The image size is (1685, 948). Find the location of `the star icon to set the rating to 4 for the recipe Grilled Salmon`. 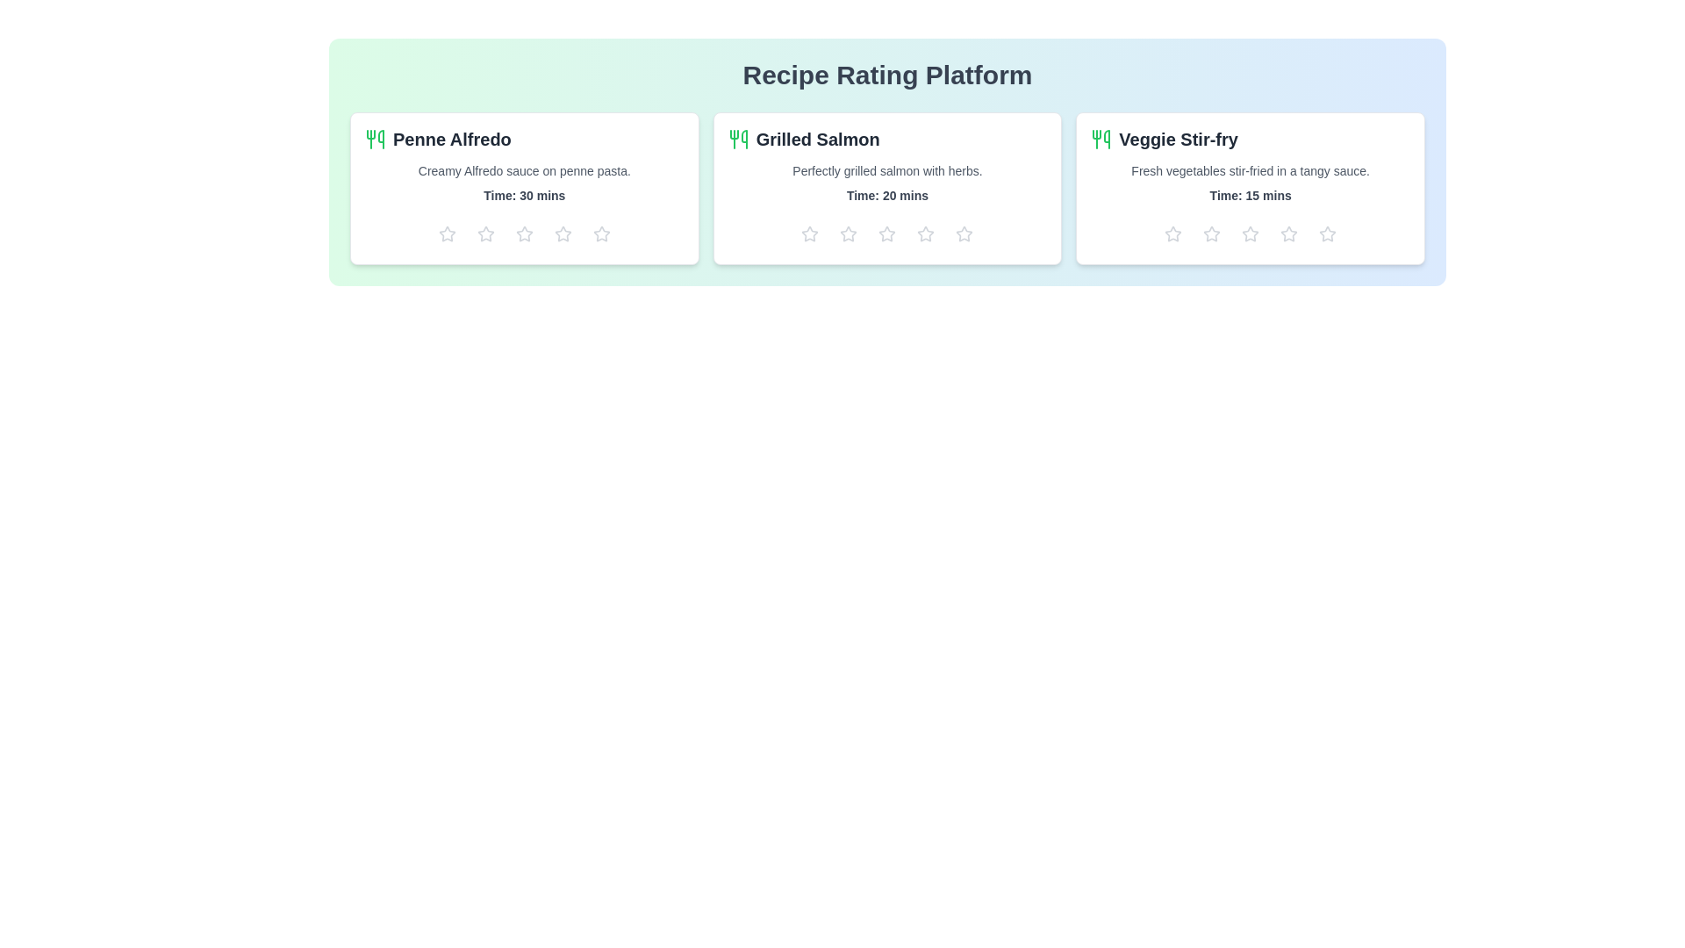

the star icon to set the rating to 4 for the recipe Grilled Salmon is located at coordinates (925, 233).